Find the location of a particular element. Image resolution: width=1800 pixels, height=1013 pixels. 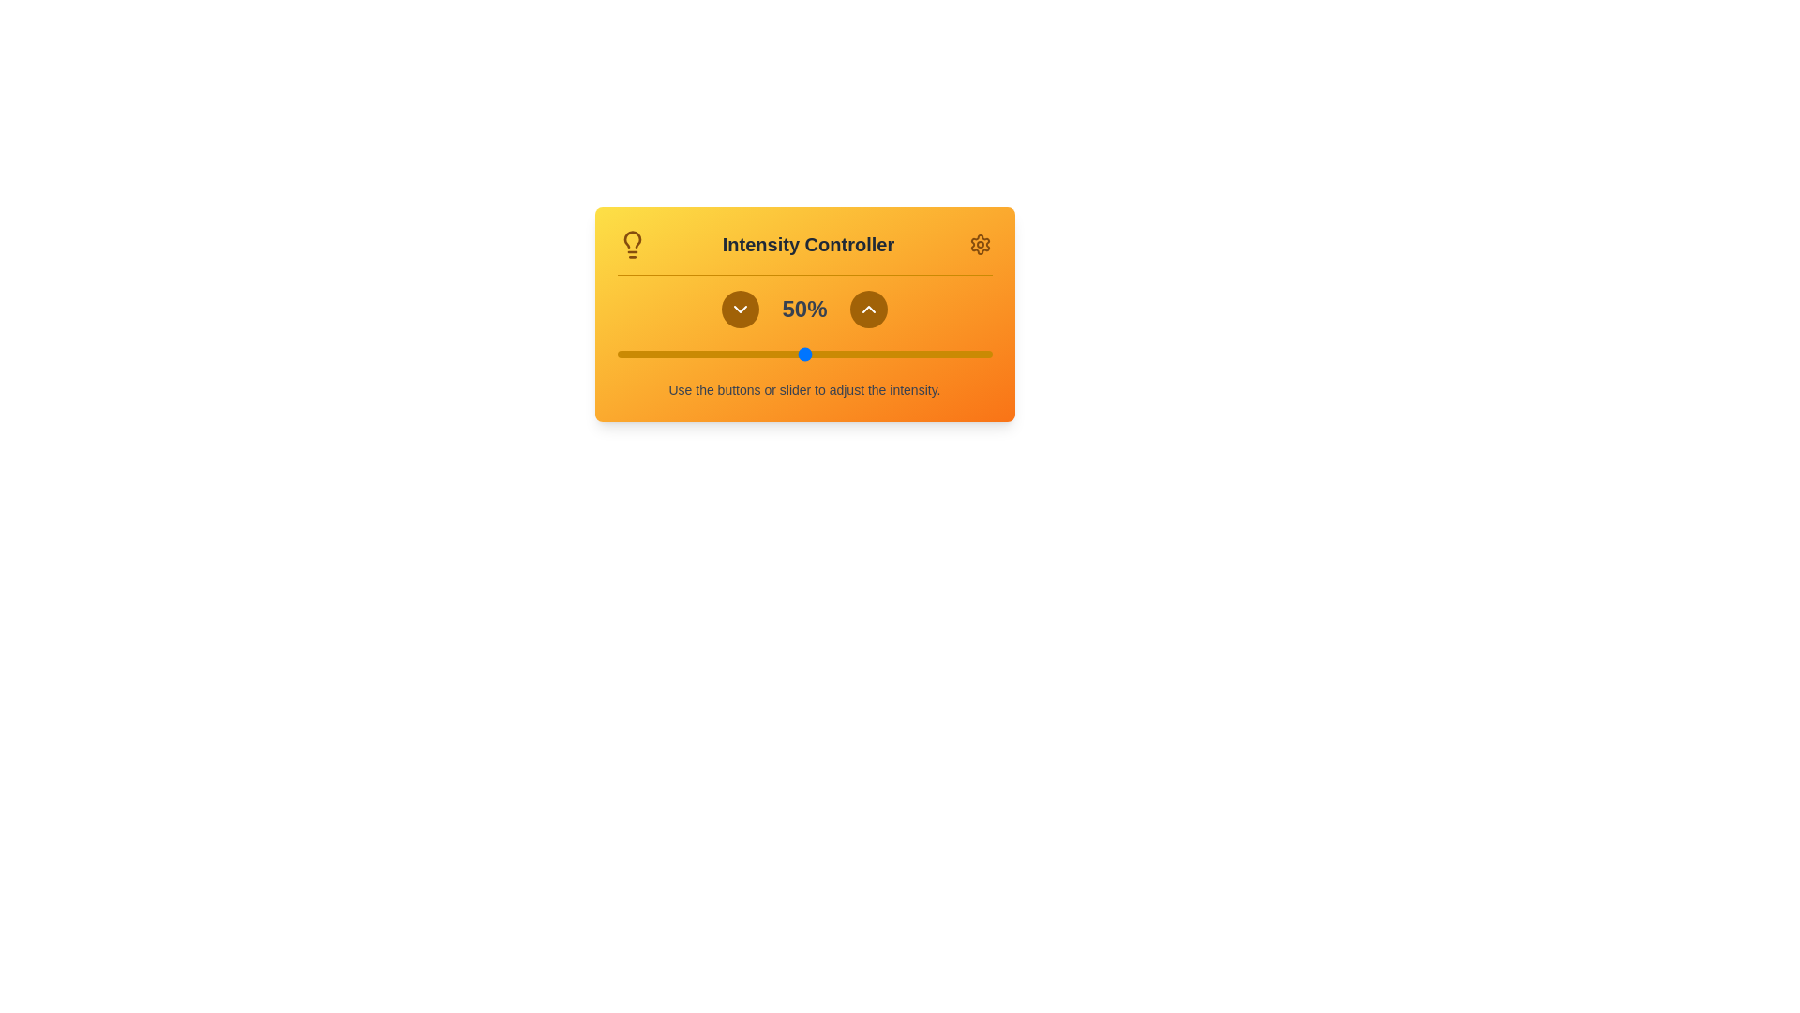

intensity is located at coordinates (816, 355).